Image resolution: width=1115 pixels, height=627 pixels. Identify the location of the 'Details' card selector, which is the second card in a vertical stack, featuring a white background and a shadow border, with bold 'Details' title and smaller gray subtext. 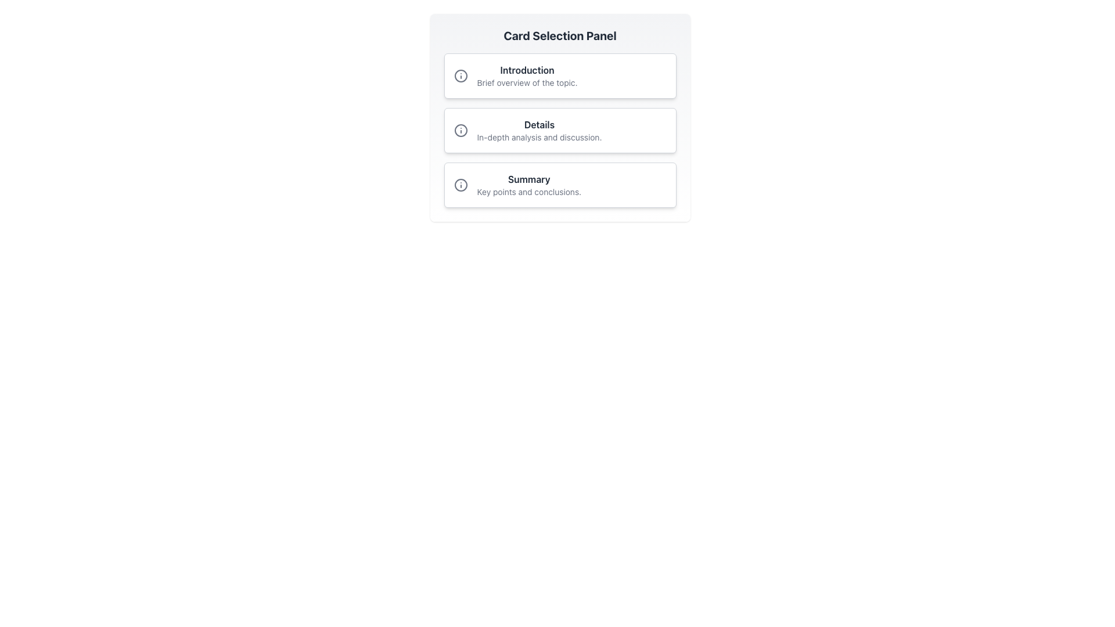
(560, 118).